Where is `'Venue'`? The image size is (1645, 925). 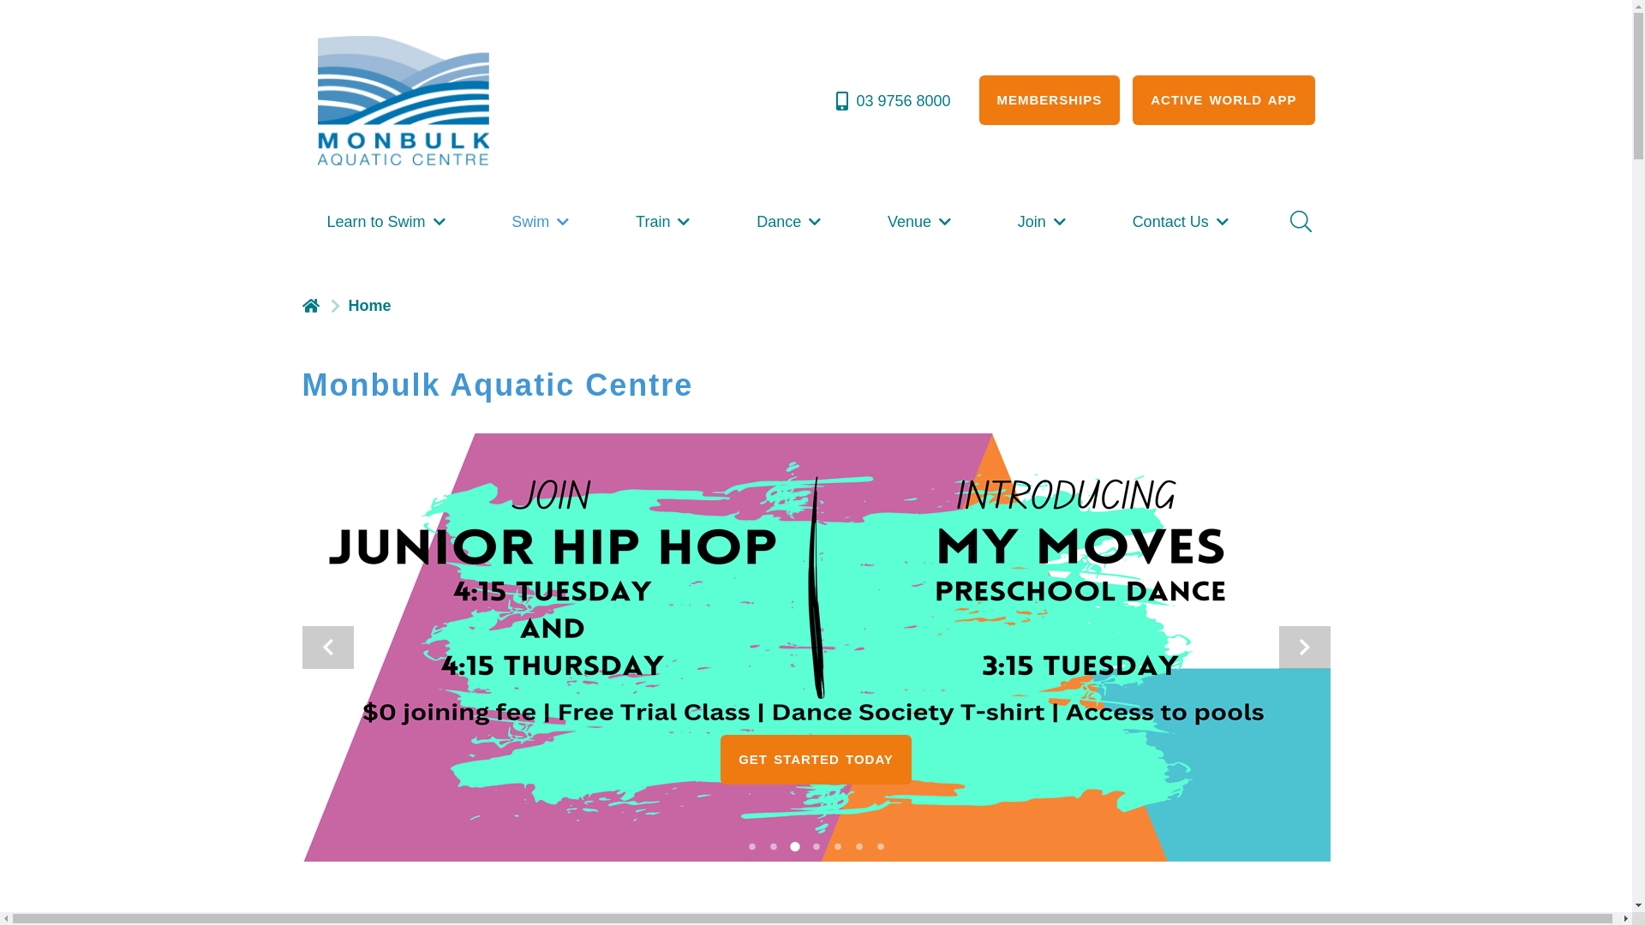
'Venue' is located at coordinates (920, 220).